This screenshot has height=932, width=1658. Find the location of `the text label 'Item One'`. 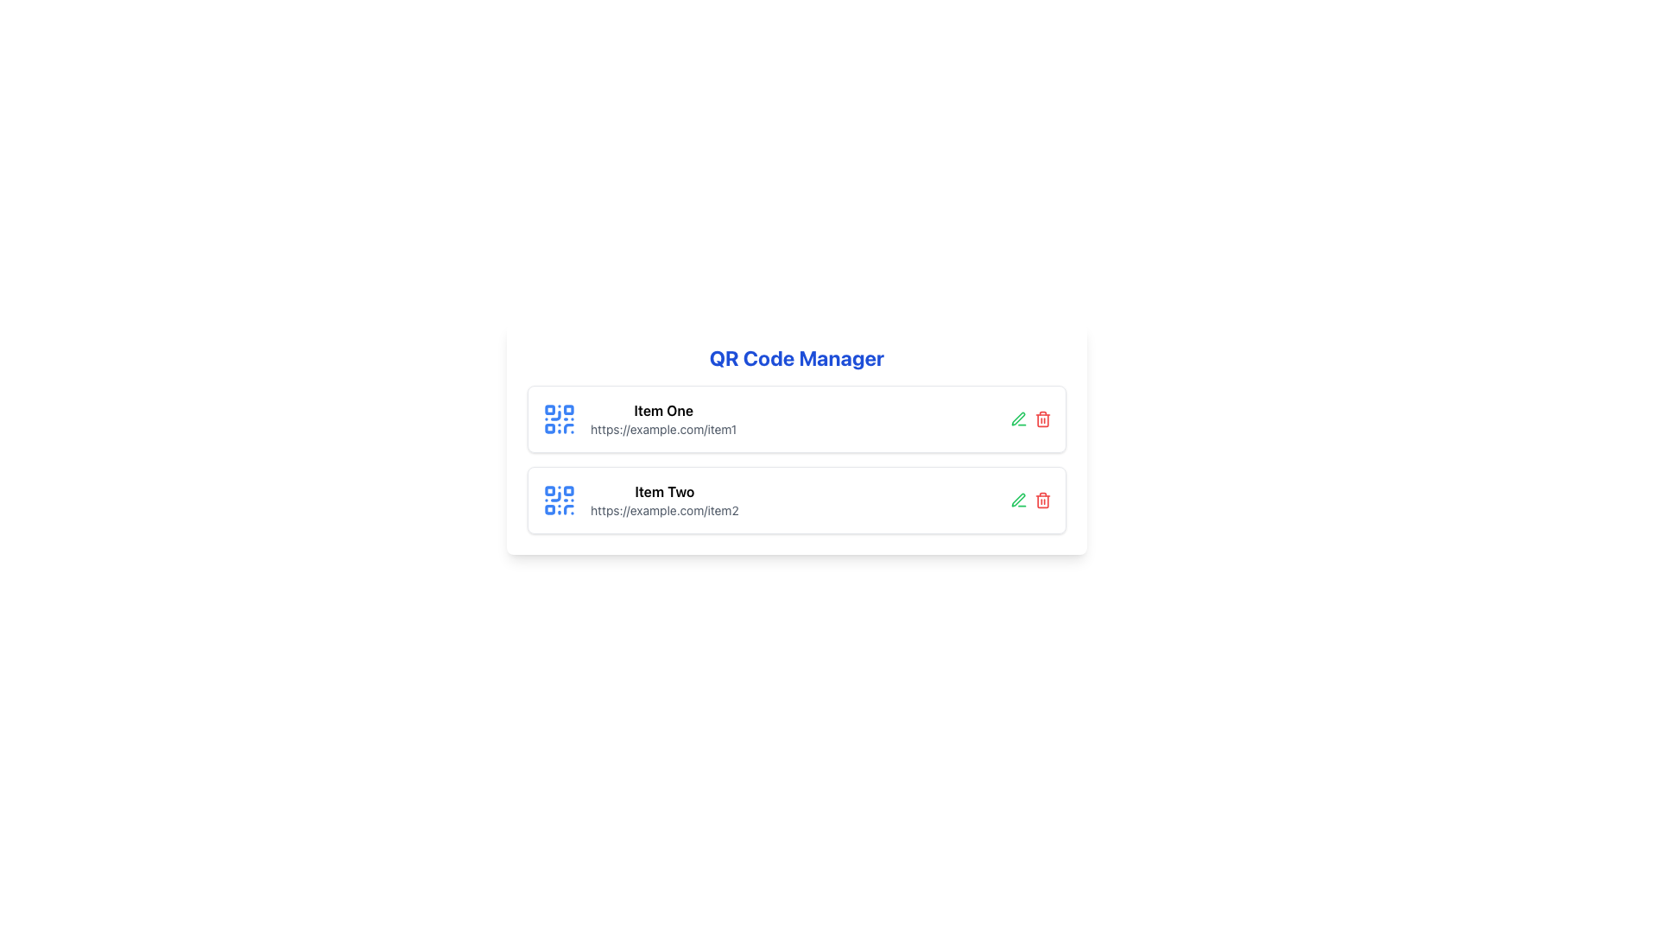

the text label 'Item One' is located at coordinates (662, 410).